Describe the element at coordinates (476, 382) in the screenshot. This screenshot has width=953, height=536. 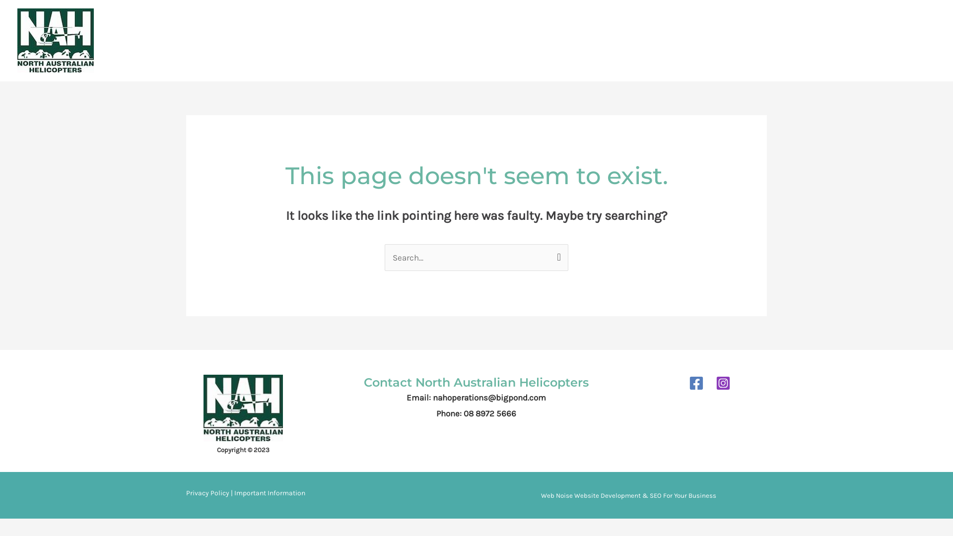
I see `'Contact North Australian Helicopters'` at that location.